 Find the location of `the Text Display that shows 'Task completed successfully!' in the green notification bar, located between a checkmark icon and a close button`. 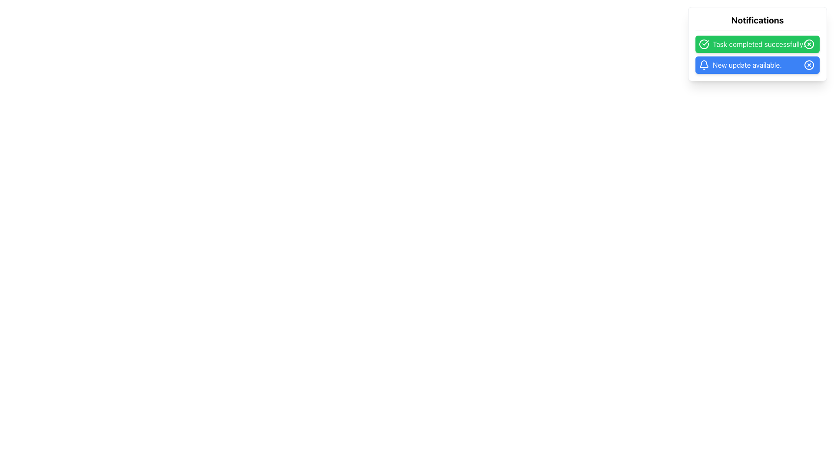

the Text Display that shows 'Task completed successfully!' in the green notification bar, located between a checkmark icon and a close button is located at coordinates (758, 44).